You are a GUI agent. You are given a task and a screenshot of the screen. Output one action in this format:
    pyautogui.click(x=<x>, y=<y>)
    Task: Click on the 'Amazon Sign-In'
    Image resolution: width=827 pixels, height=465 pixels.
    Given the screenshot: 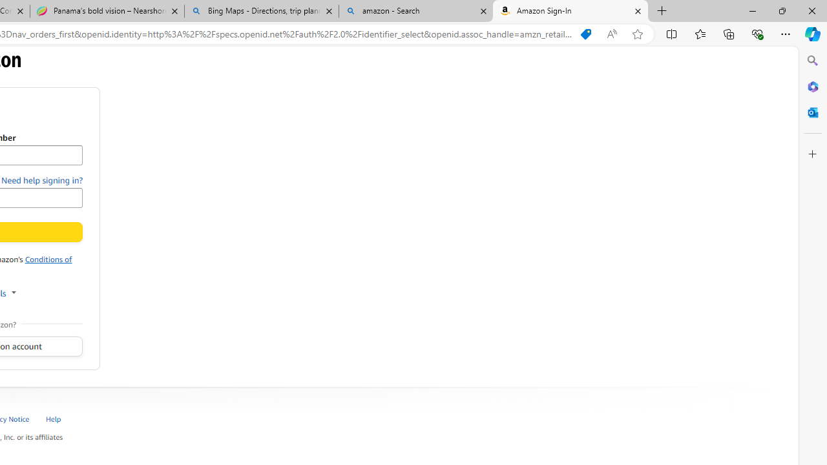 What is the action you would take?
    pyautogui.click(x=570, y=11)
    